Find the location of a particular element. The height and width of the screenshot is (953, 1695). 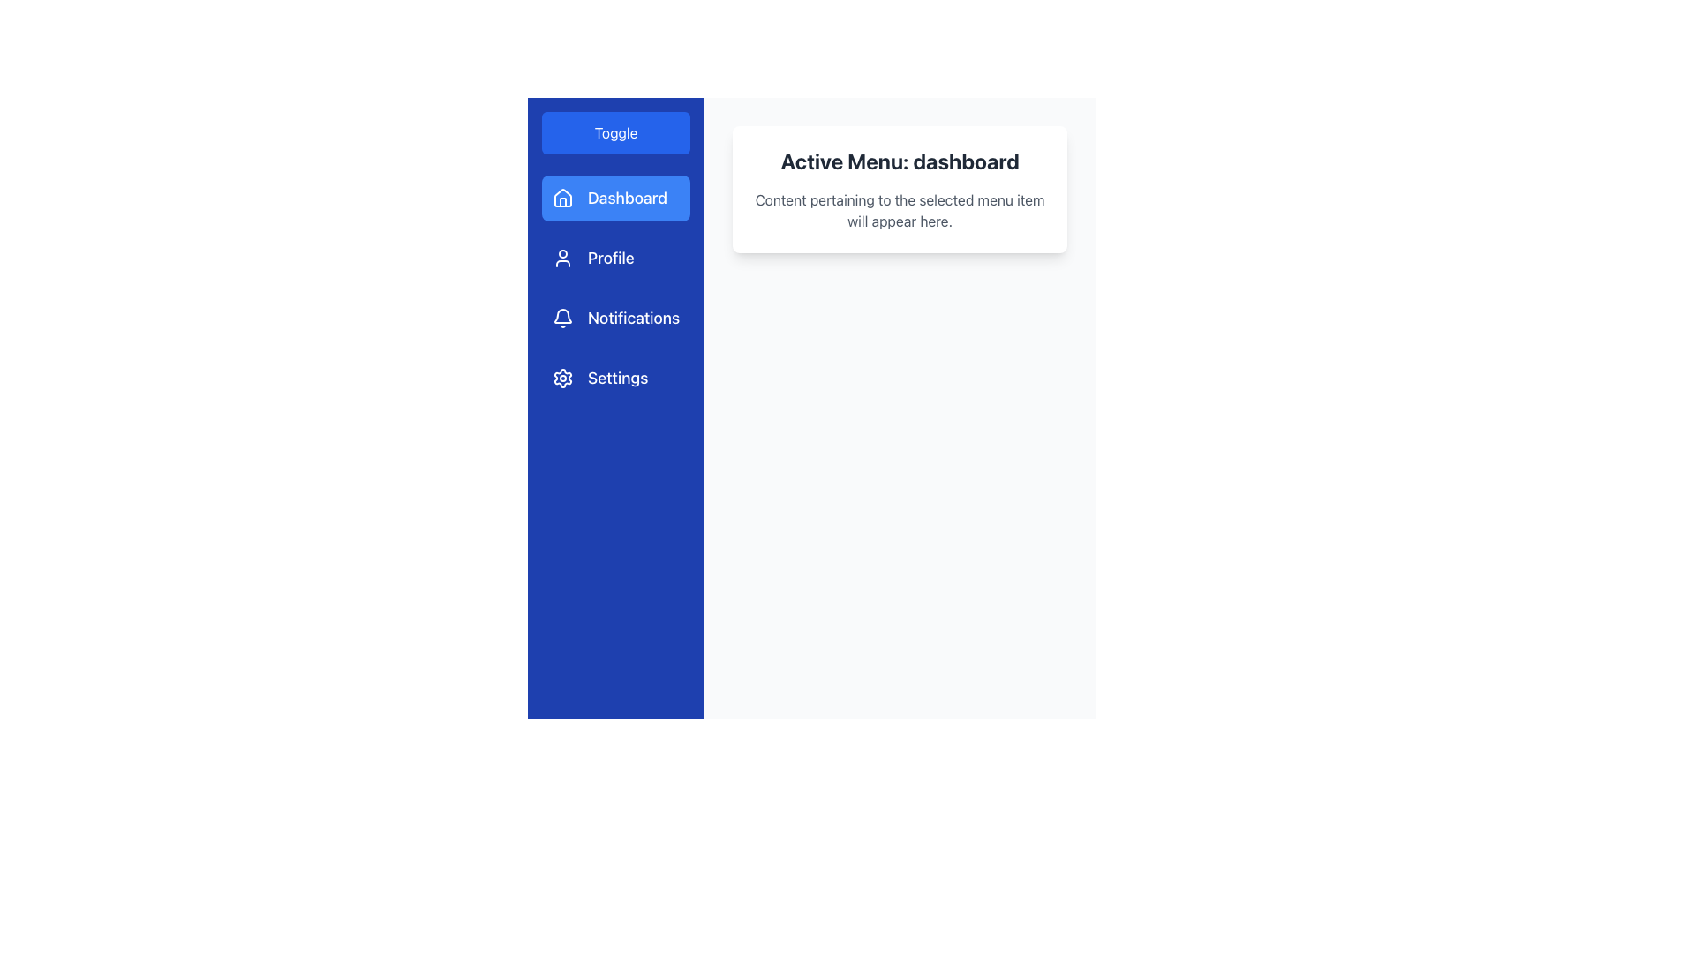

displayed text from the Informational panel located in the right-side panel, horizontally centered within the white content area is located at coordinates (900, 190).